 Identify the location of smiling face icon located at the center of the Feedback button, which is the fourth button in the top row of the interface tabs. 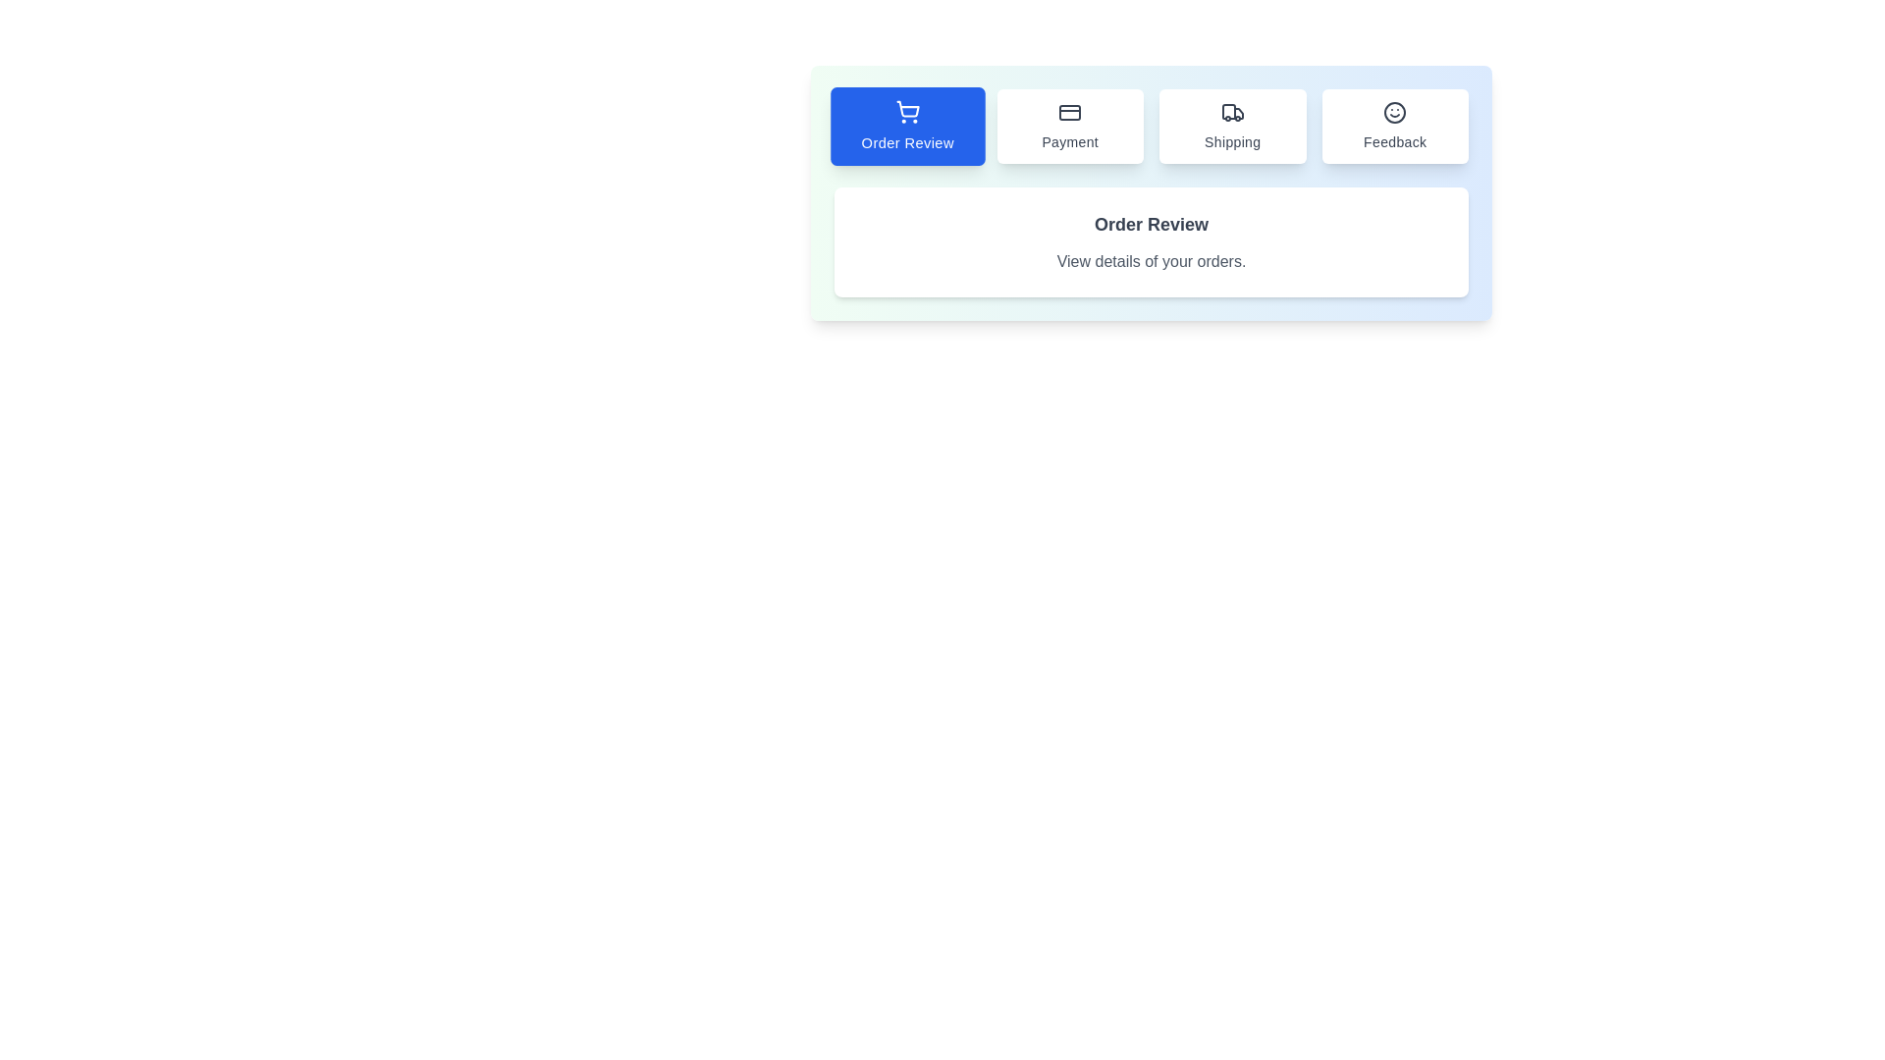
(1394, 113).